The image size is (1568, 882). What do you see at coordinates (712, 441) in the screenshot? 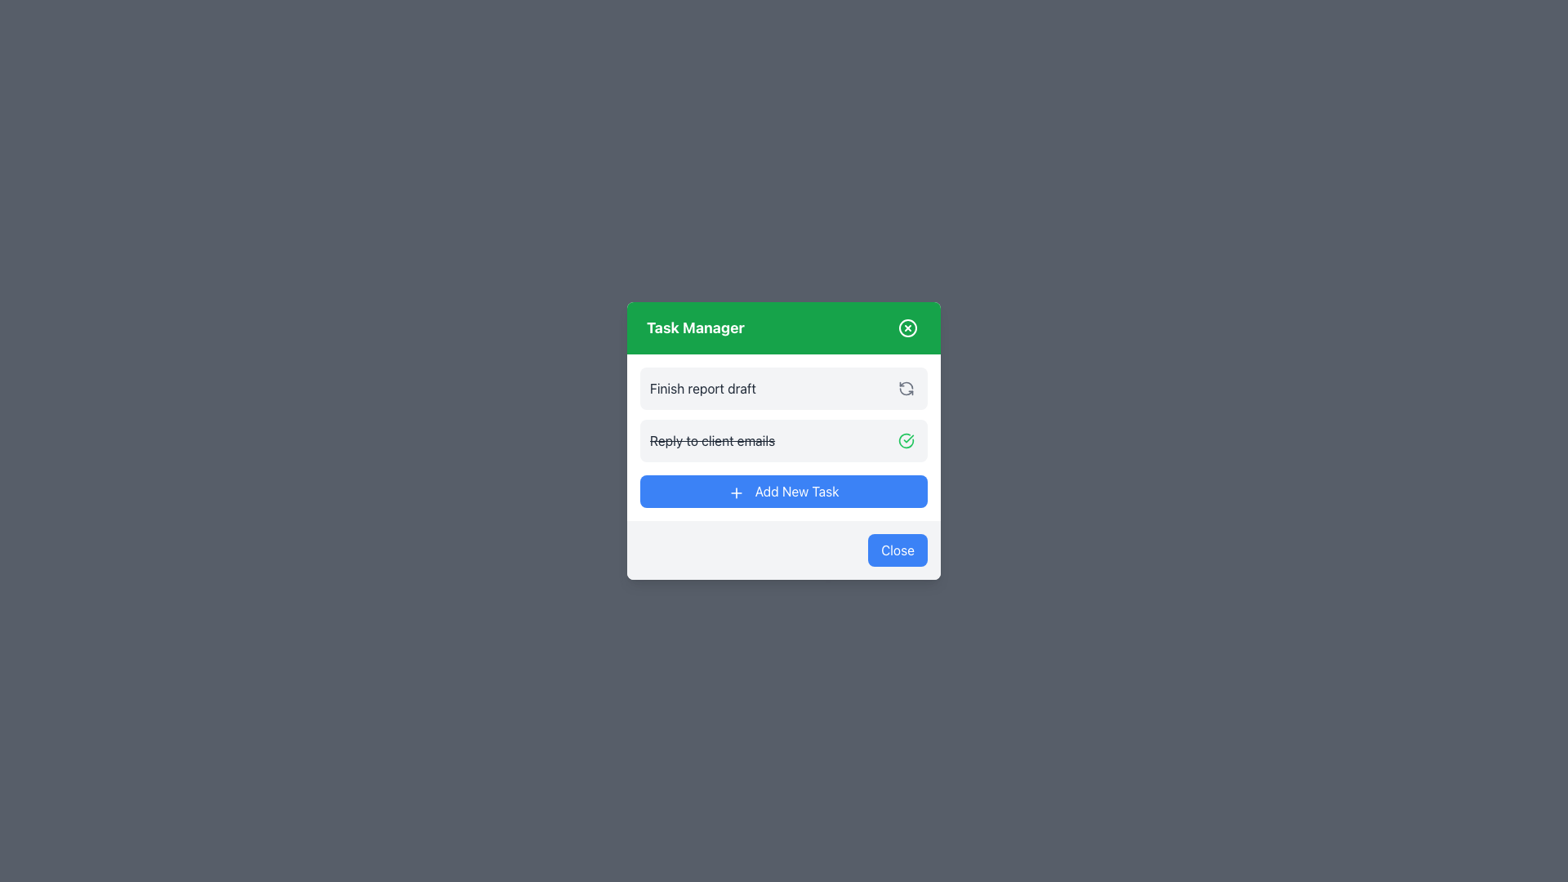
I see `the text element that serves as the title or description of the second task item, located below 'Finish report draft' and centrally positioned within a light gray rounded rectangle` at bounding box center [712, 441].